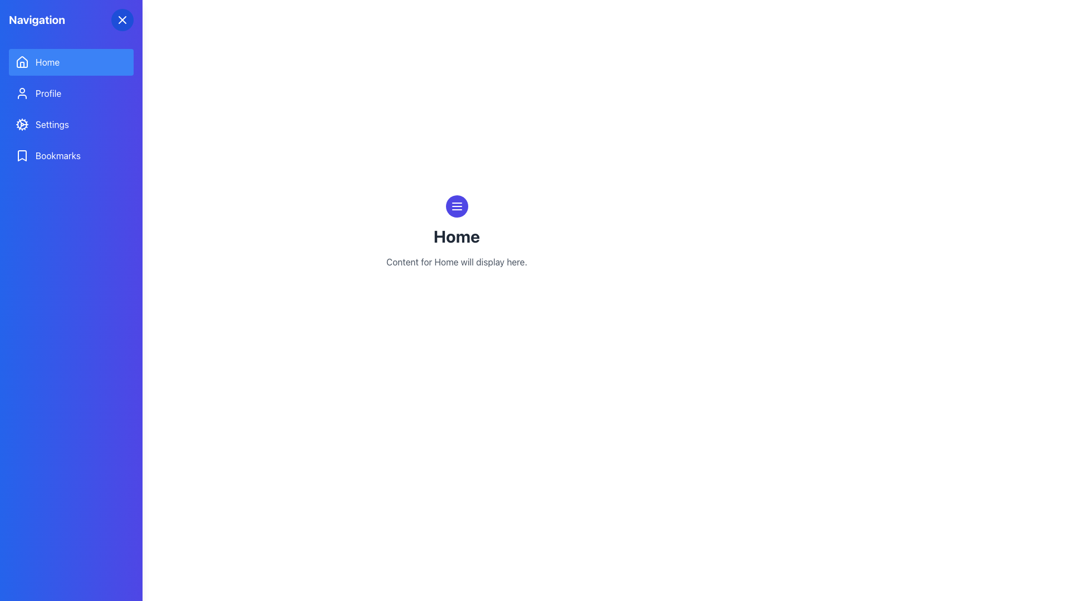  Describe the element at coordinates (22, 62) in the screenshot. I see `the roof portion of the 'home' icon, which represents the 'Home' page in the navigation menu on the left sidebar` at that location.